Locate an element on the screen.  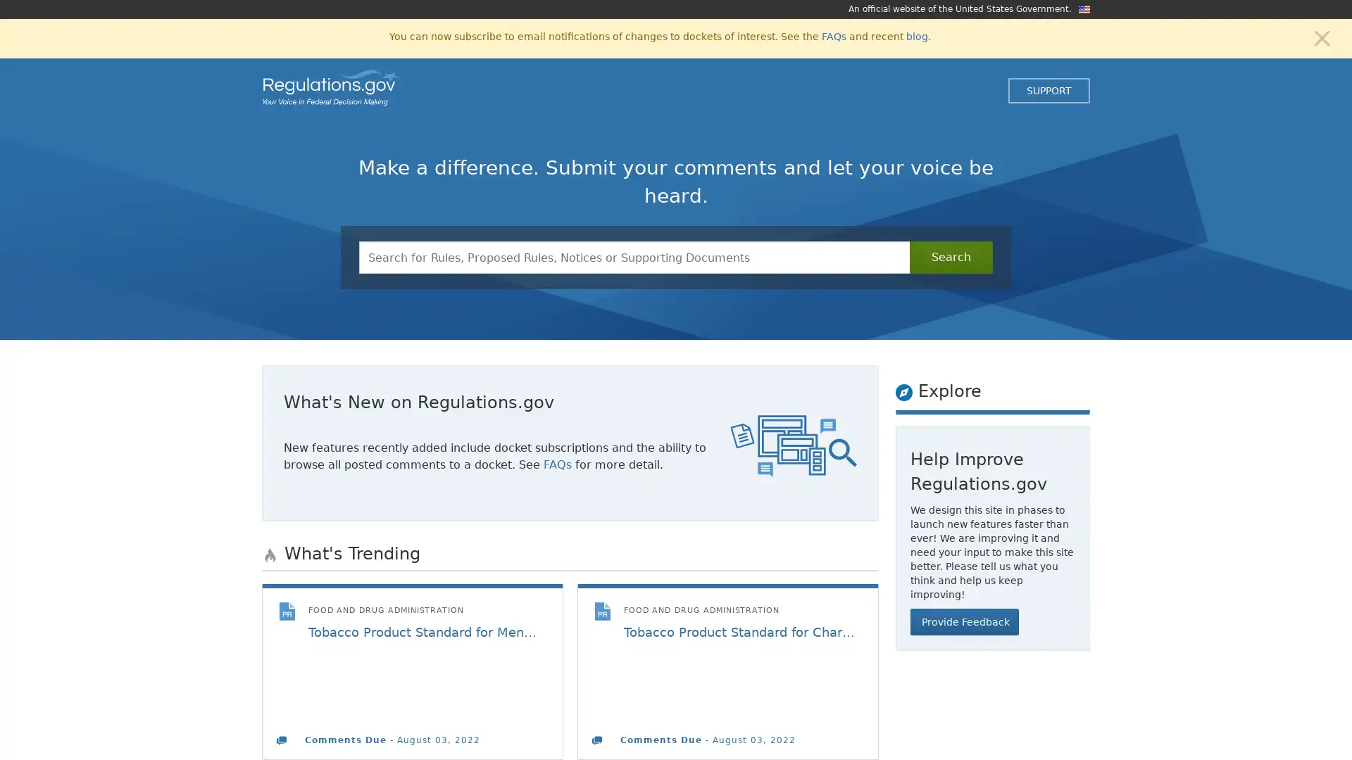
Close is located at coordinates (1321, 37).